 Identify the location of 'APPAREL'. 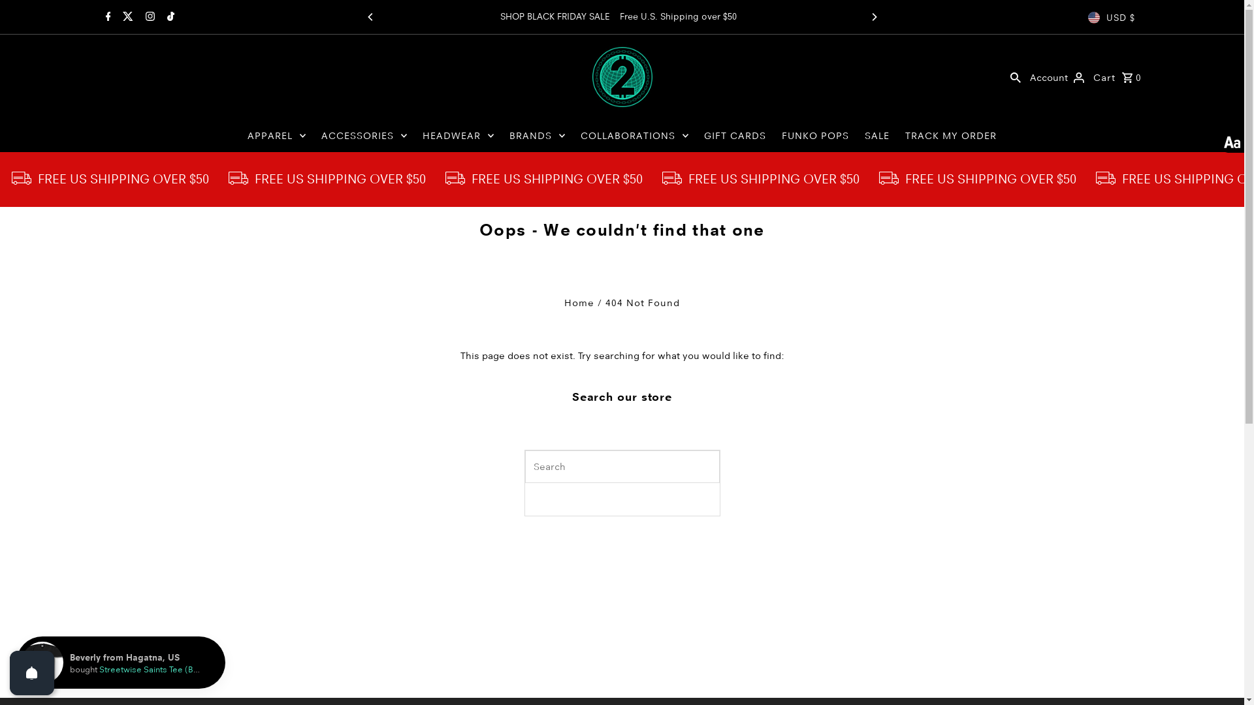
(276, 136).